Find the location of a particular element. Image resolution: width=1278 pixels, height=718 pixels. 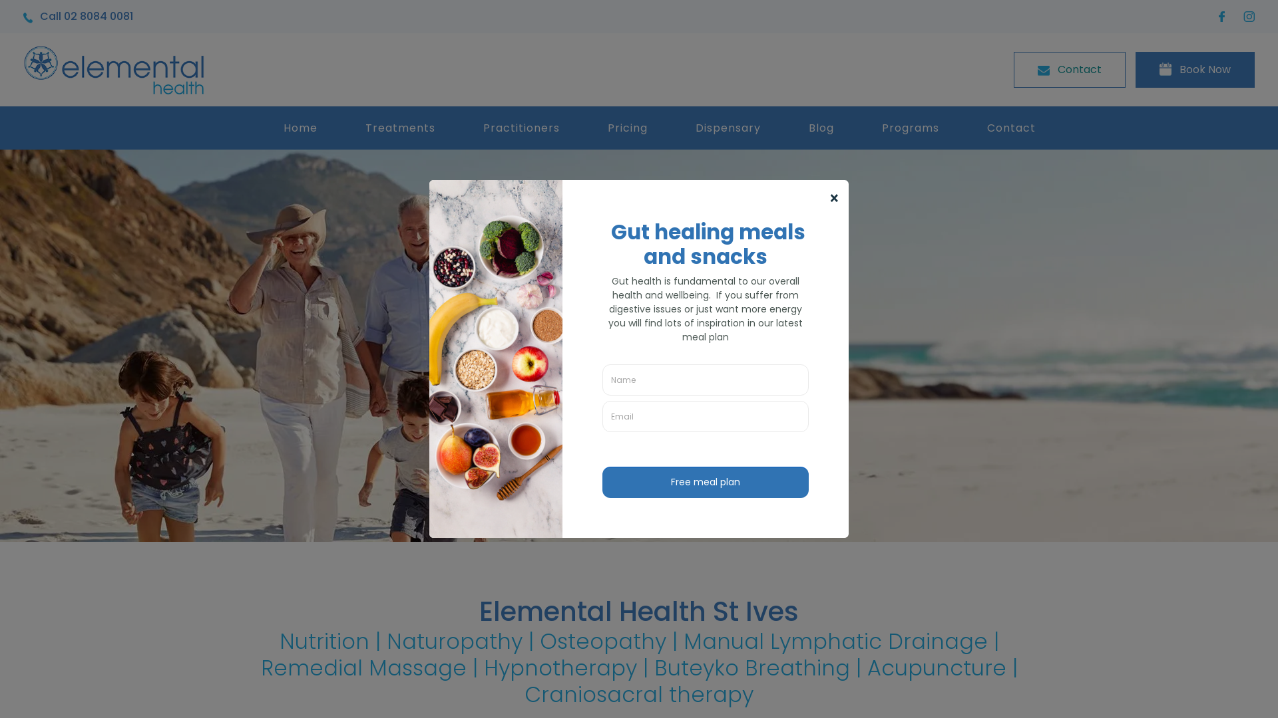

'Programs' is located at coordinates (910, 128).